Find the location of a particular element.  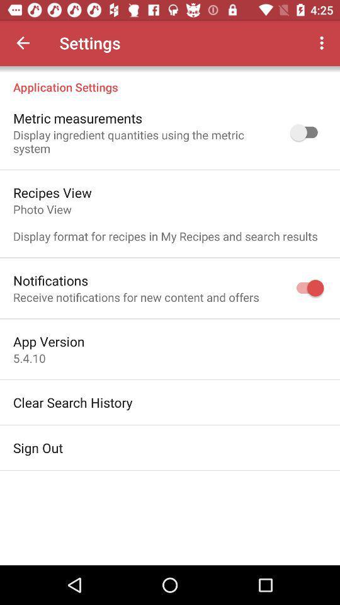

app to the left of the settings item is located at coordinates (23, 43).